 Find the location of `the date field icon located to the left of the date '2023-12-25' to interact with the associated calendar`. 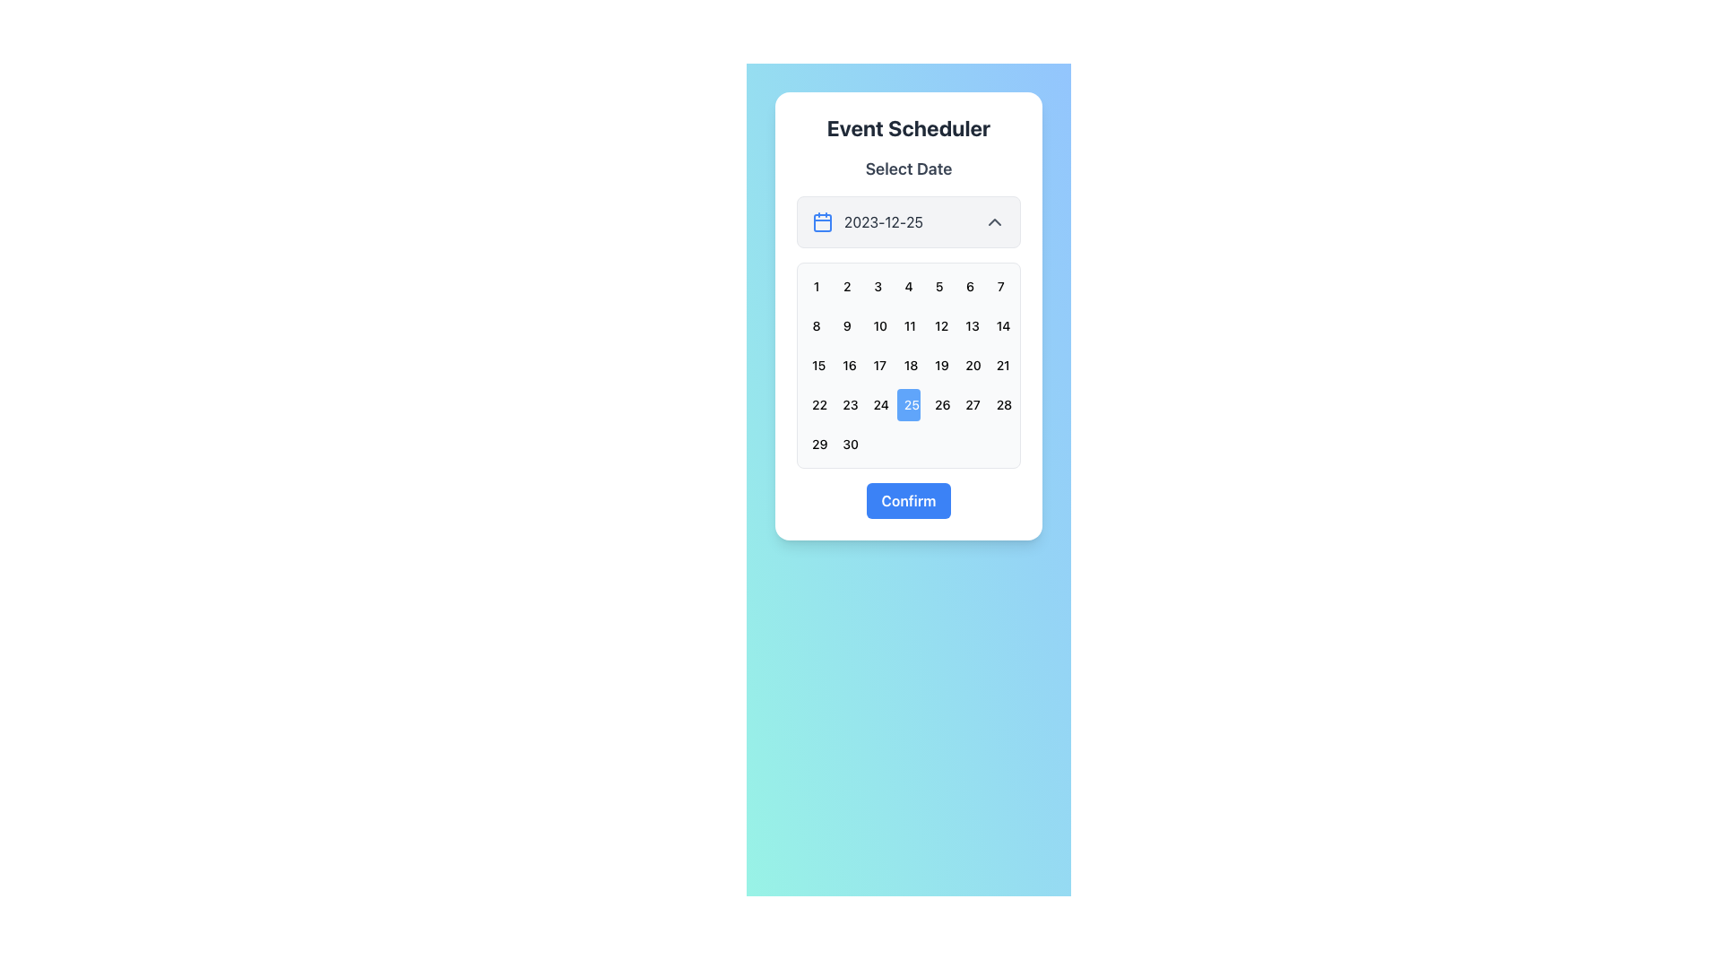

the date field icon located to the left of the date '2023-12-25' to interact with the associated calendar is located at coordinates (821, 220).